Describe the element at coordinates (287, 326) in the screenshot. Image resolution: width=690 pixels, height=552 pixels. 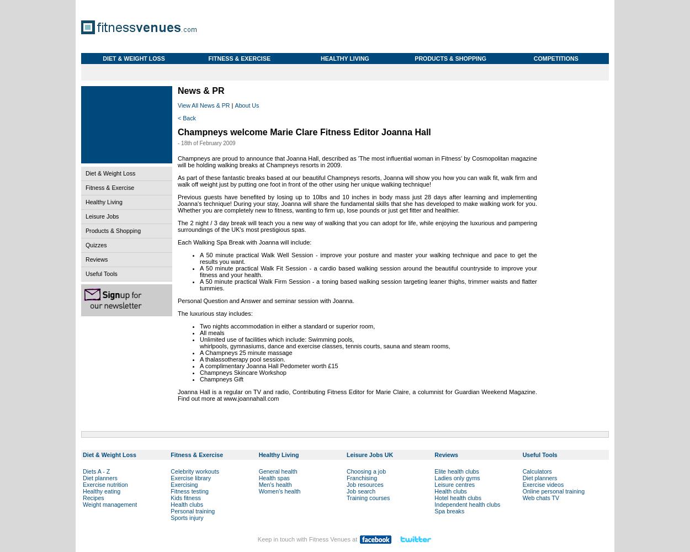
I see `'Two nights accommodation in either a standard or superior room,'` at that location.